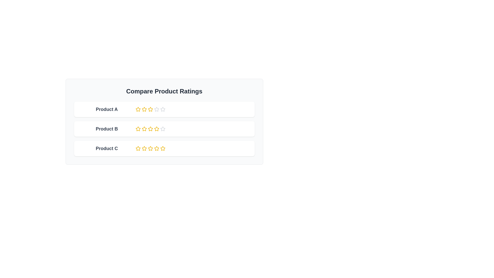 The image size is (494, 278). What do you see at coordinates (107, 129) in the screenshot?
I see `text content of the Text Label that identifies the second product in the vertically arranged list, located below 'Product A' and above 'Product C'` at bounding box center [107, 129].